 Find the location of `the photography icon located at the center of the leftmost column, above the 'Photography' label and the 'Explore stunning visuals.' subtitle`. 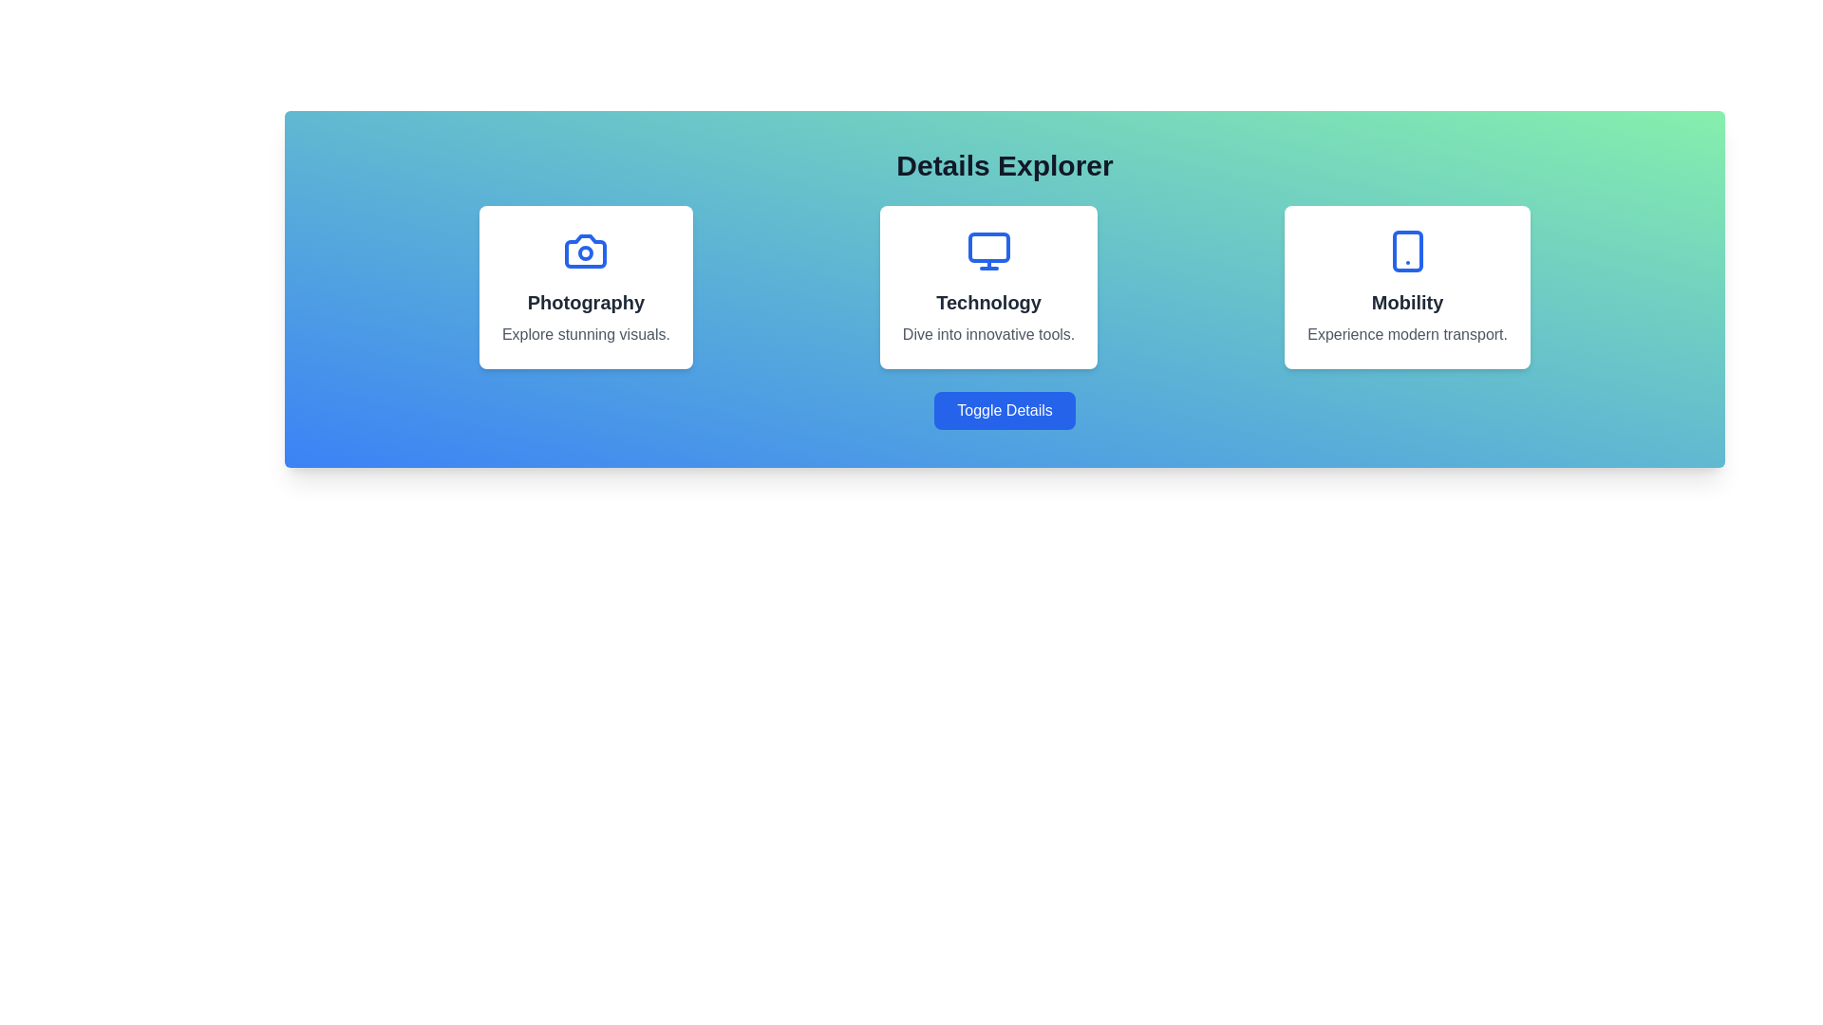

the photography icon located at the center of the leftmost column, above the 'Photography' label and the 'Explore stunning visuals.' subtitle is located at coordinates (585, 251).